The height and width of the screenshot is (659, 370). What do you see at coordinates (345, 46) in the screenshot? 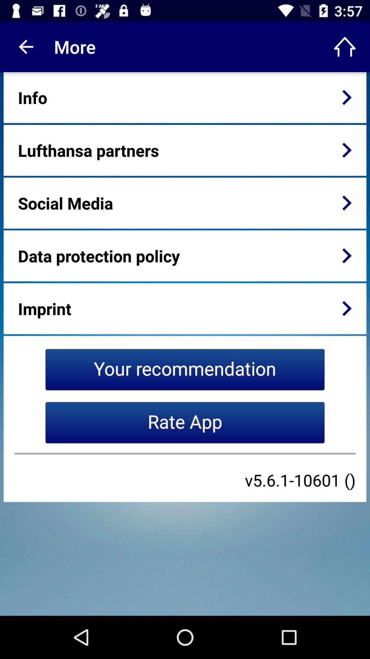
I see `icon next to the more app` at bounding box center [345, 46].